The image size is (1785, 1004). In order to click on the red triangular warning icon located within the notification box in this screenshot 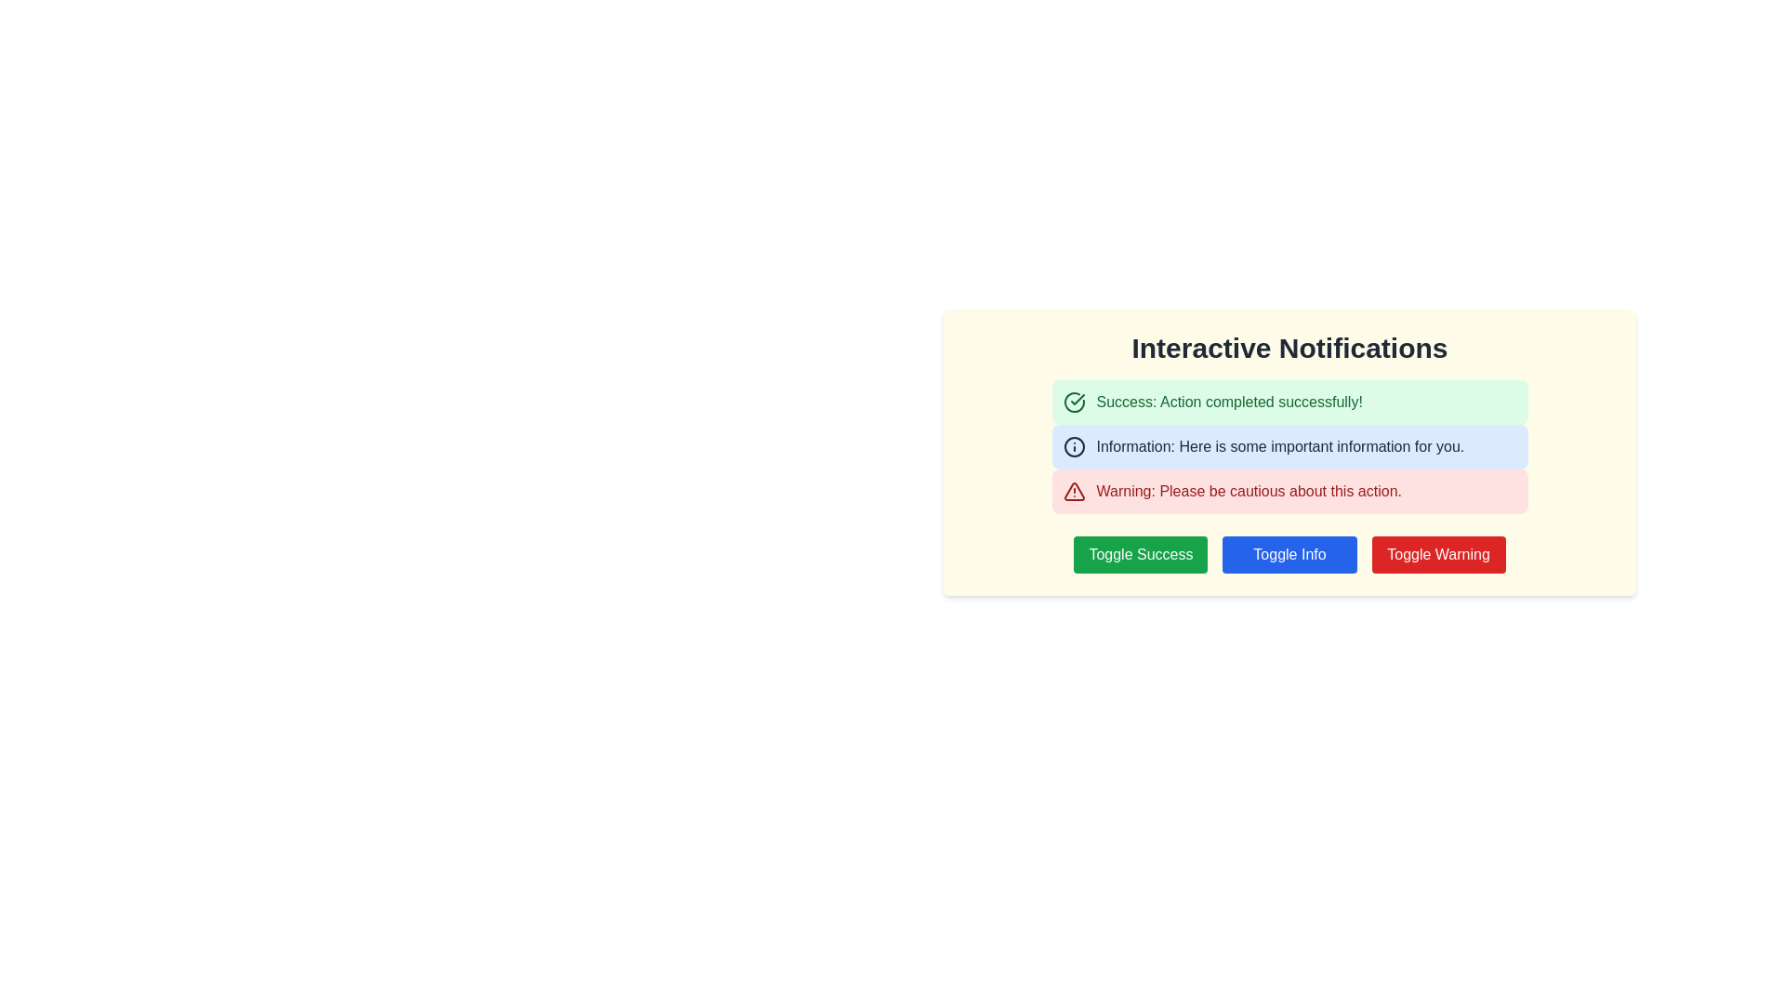, I will do `click(1074, 490)`.